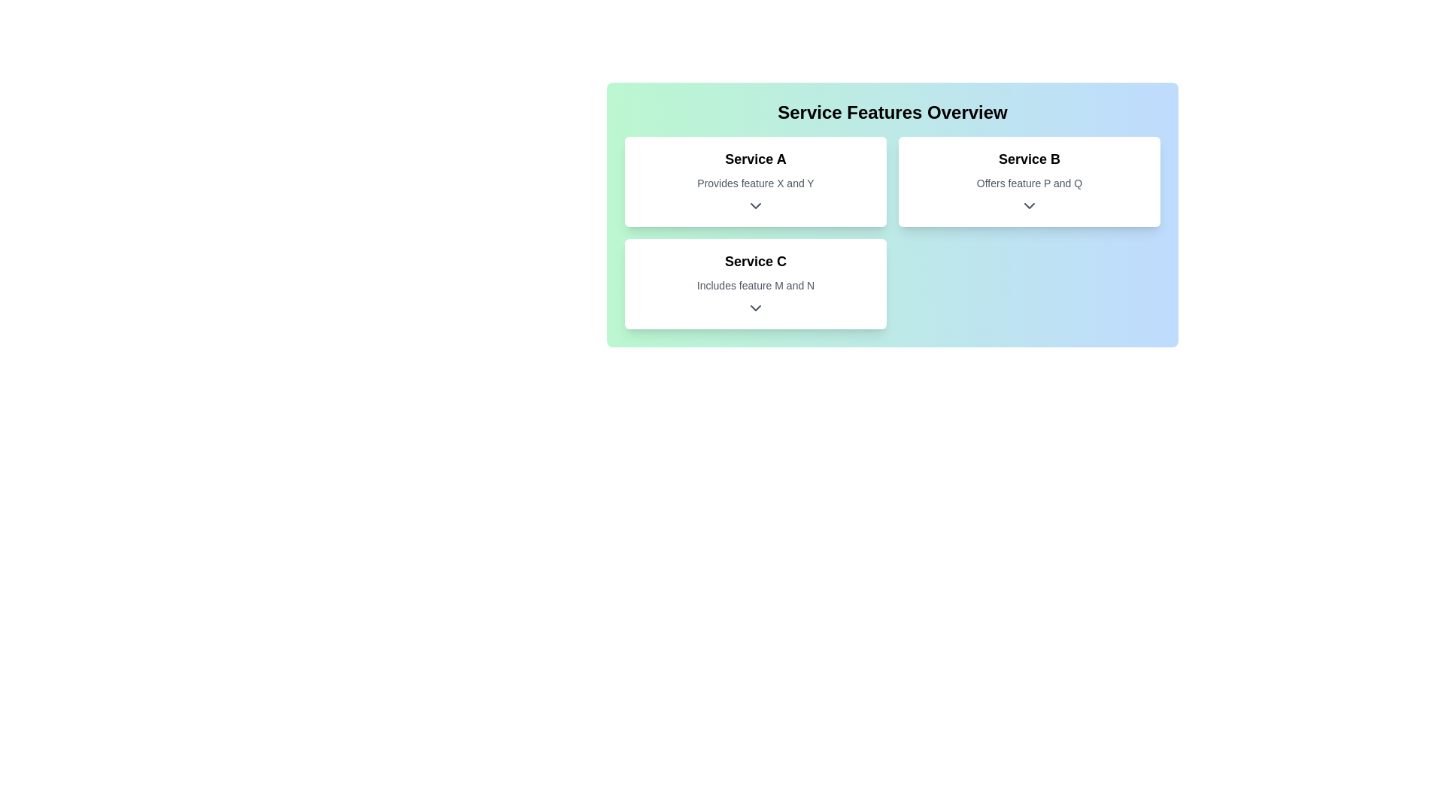 Image resolution: width=1444 pixels, height=812 pixels. Describe the element at coordinates (755, 182) in the screenshot. I see `the static text label that provides supporting information about 'Service A', located below the title and above a downward-pointing icon` at that location.